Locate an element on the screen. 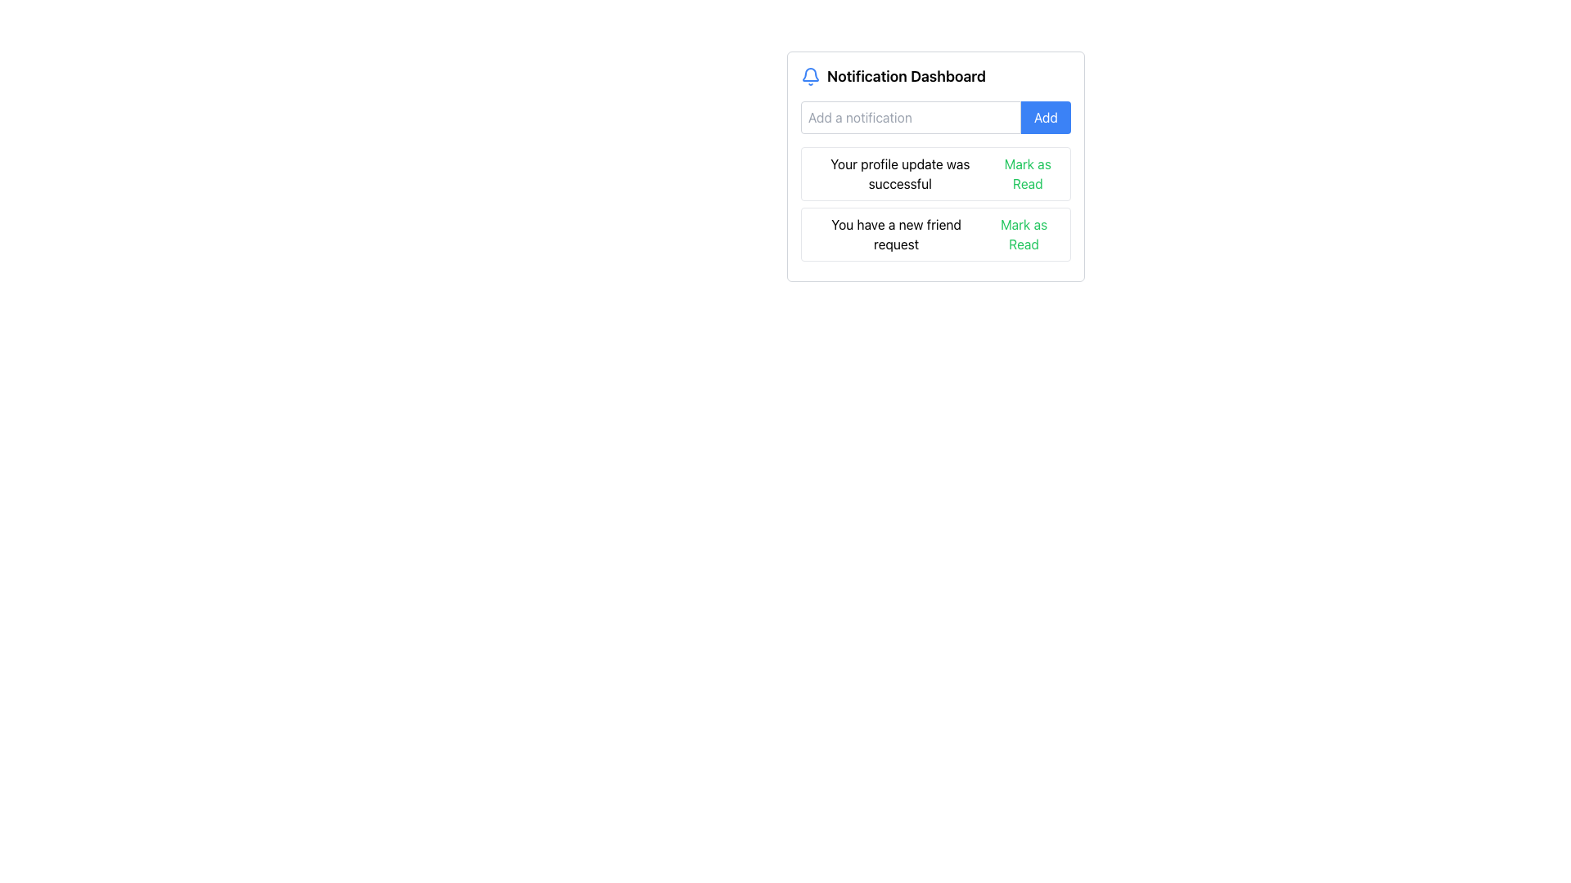 Image resolution: width=1571 pixels, height=883 pixels. the button that marks the notification 'Your profile update was successful.' as read is located at coordinates (1027, 173).